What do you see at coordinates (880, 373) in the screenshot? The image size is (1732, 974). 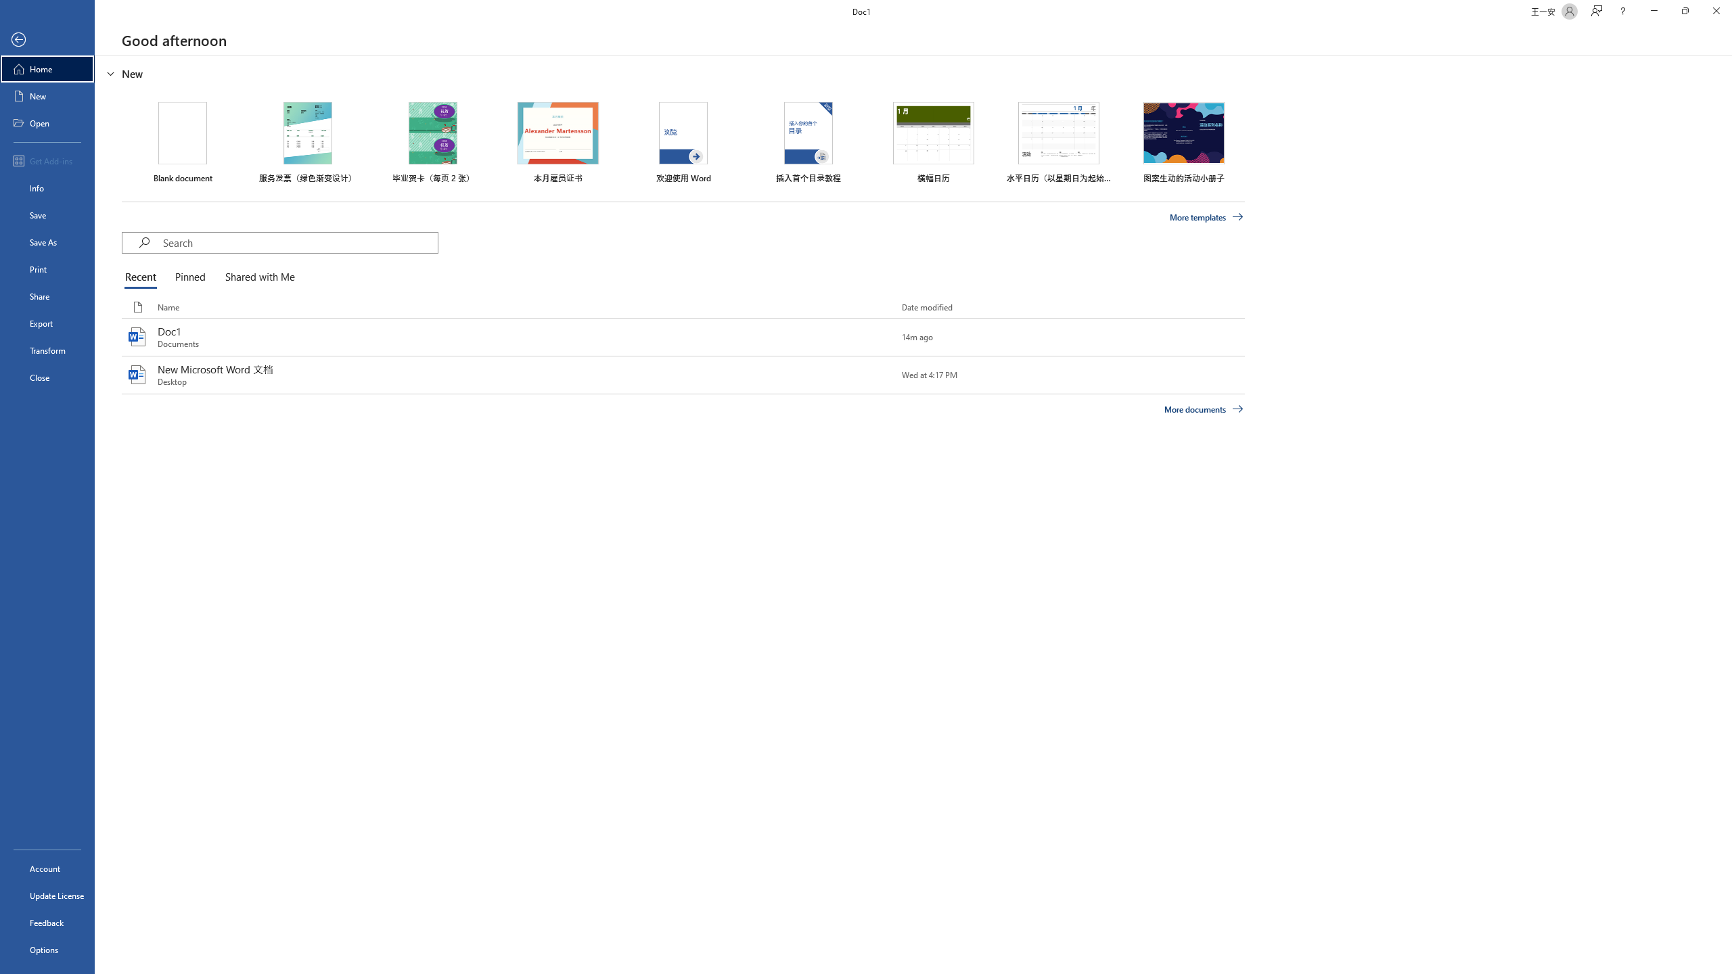 I see `'Pin this item to the list'` at bounding box center [880, 373].